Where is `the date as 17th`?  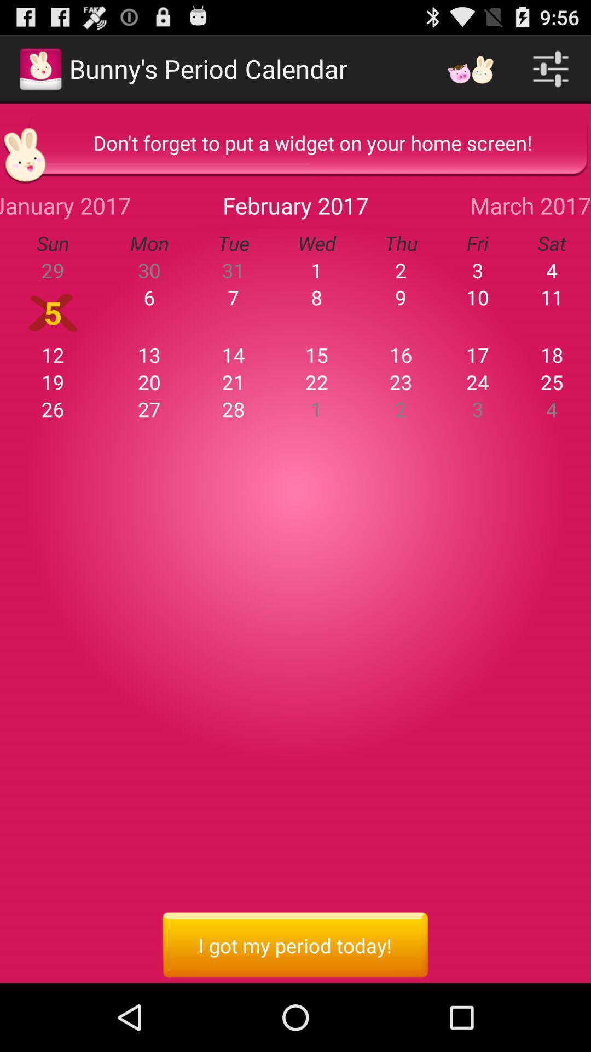 the date as 17th is located at coordinates (477, 355).